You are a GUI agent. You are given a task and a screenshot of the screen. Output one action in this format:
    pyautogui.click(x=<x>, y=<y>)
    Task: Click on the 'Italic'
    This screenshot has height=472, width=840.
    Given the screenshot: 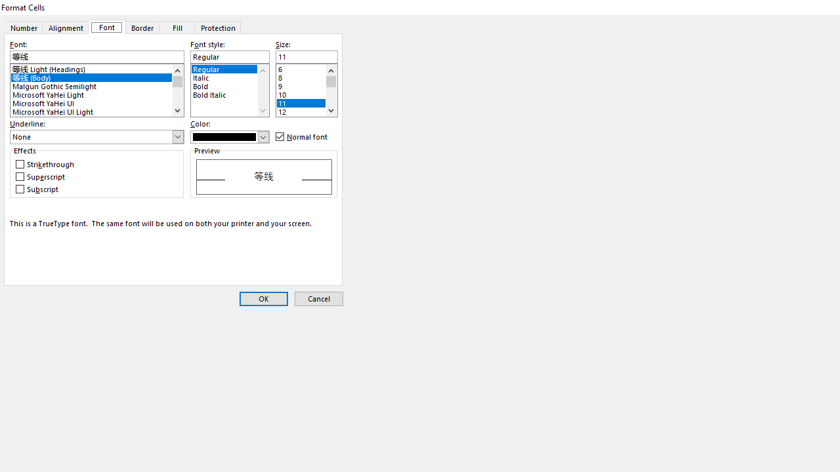 What is the action you would take?
    pyautogui.click(x=230, y=76)
    